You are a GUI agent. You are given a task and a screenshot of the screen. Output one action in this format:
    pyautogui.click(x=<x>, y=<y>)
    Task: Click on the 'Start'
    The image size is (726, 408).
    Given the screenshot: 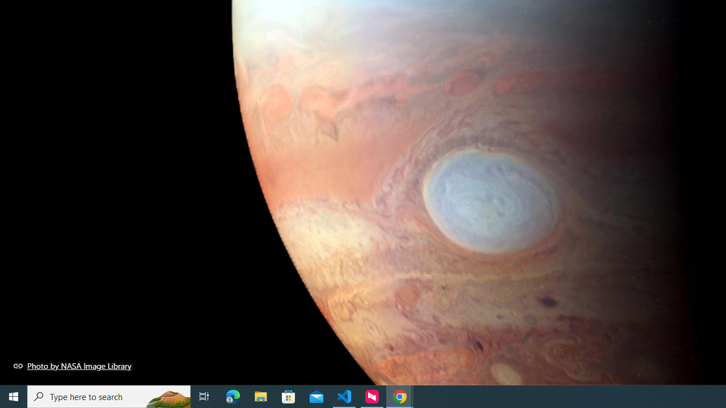 What is the action you would take?
    pyautogui.click(x=14, y=396)
    